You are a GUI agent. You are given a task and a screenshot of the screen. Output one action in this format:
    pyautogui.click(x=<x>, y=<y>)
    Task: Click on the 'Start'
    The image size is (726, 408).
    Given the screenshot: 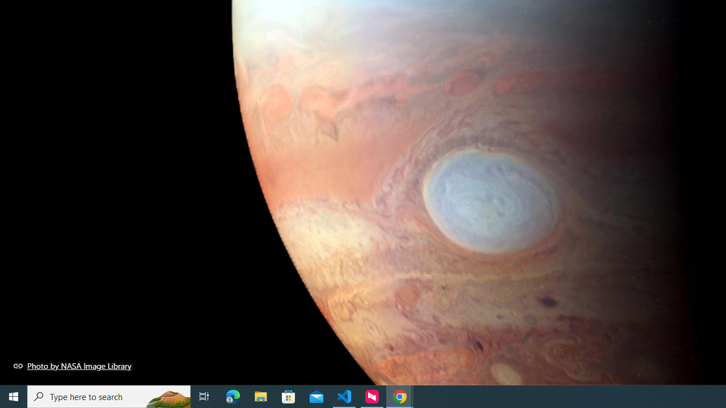 What is the action you would take?
    pyautogui.click(x=14, y=396)
    